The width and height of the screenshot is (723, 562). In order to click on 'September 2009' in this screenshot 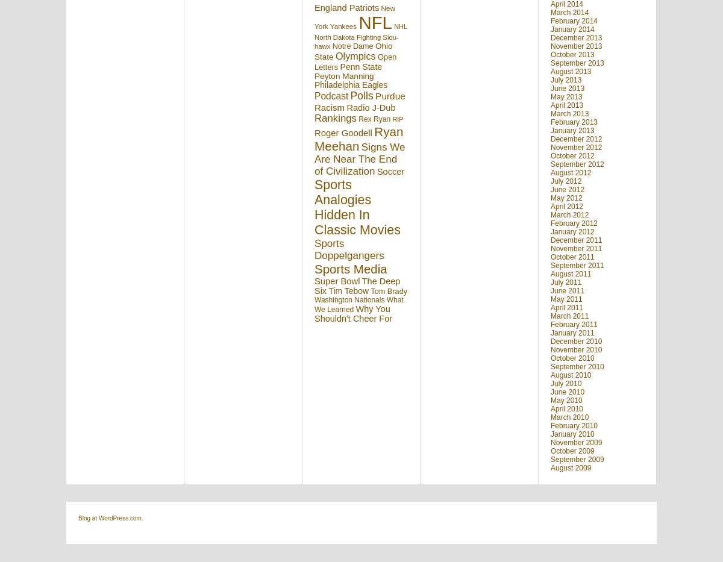, I will do `click(577, 459)`.